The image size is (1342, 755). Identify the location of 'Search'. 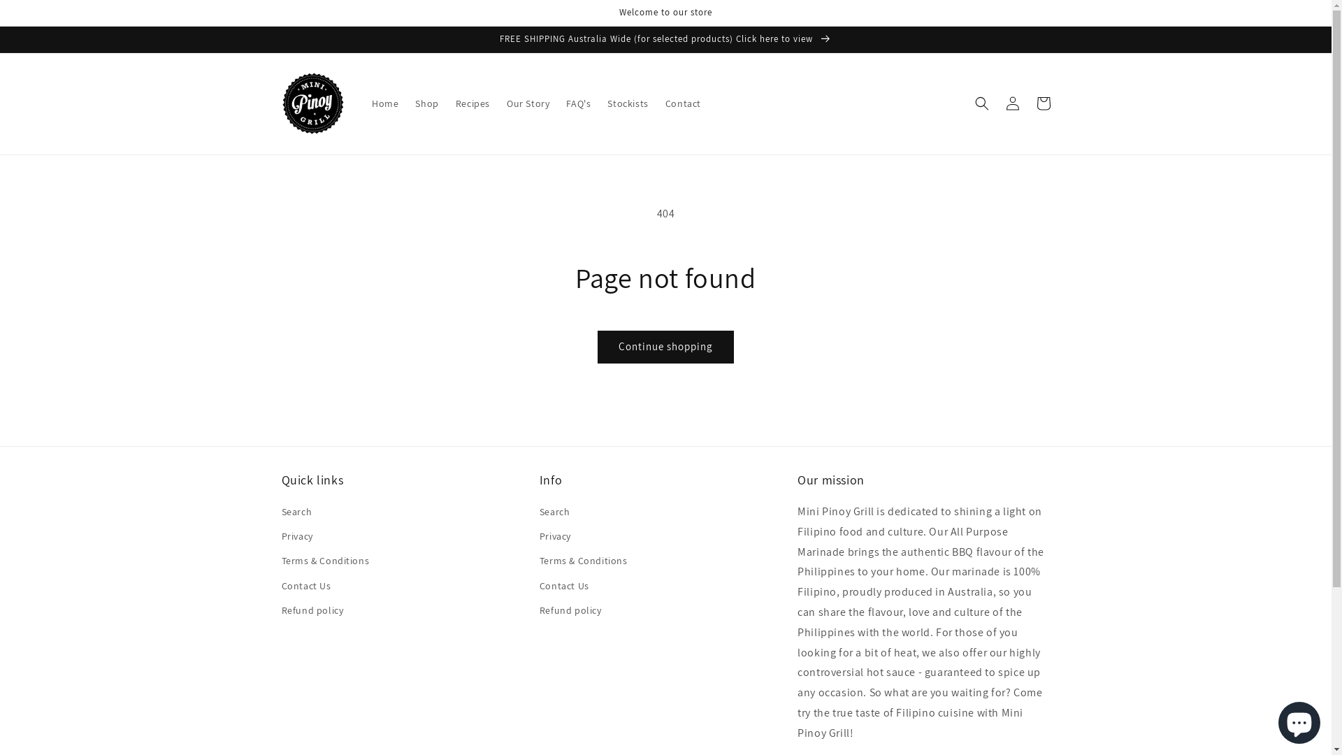
(295, 514).